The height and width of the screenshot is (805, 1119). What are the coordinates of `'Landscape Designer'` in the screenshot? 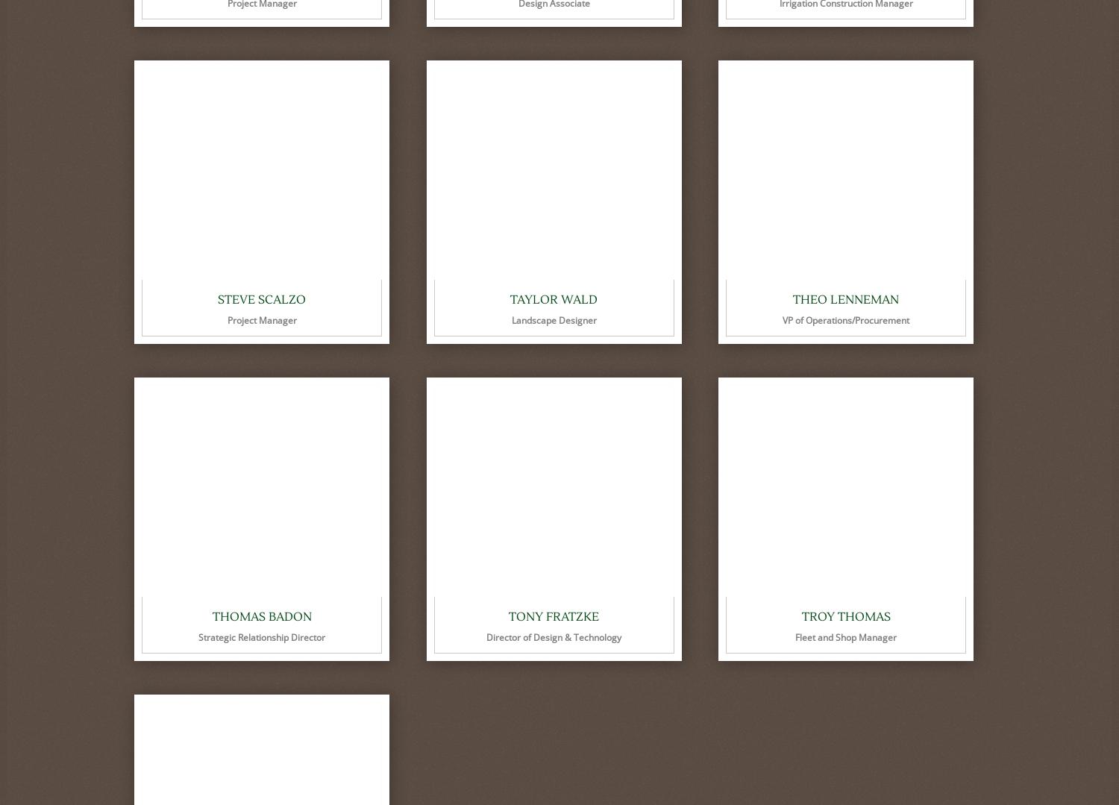 It's located at (511, 320).